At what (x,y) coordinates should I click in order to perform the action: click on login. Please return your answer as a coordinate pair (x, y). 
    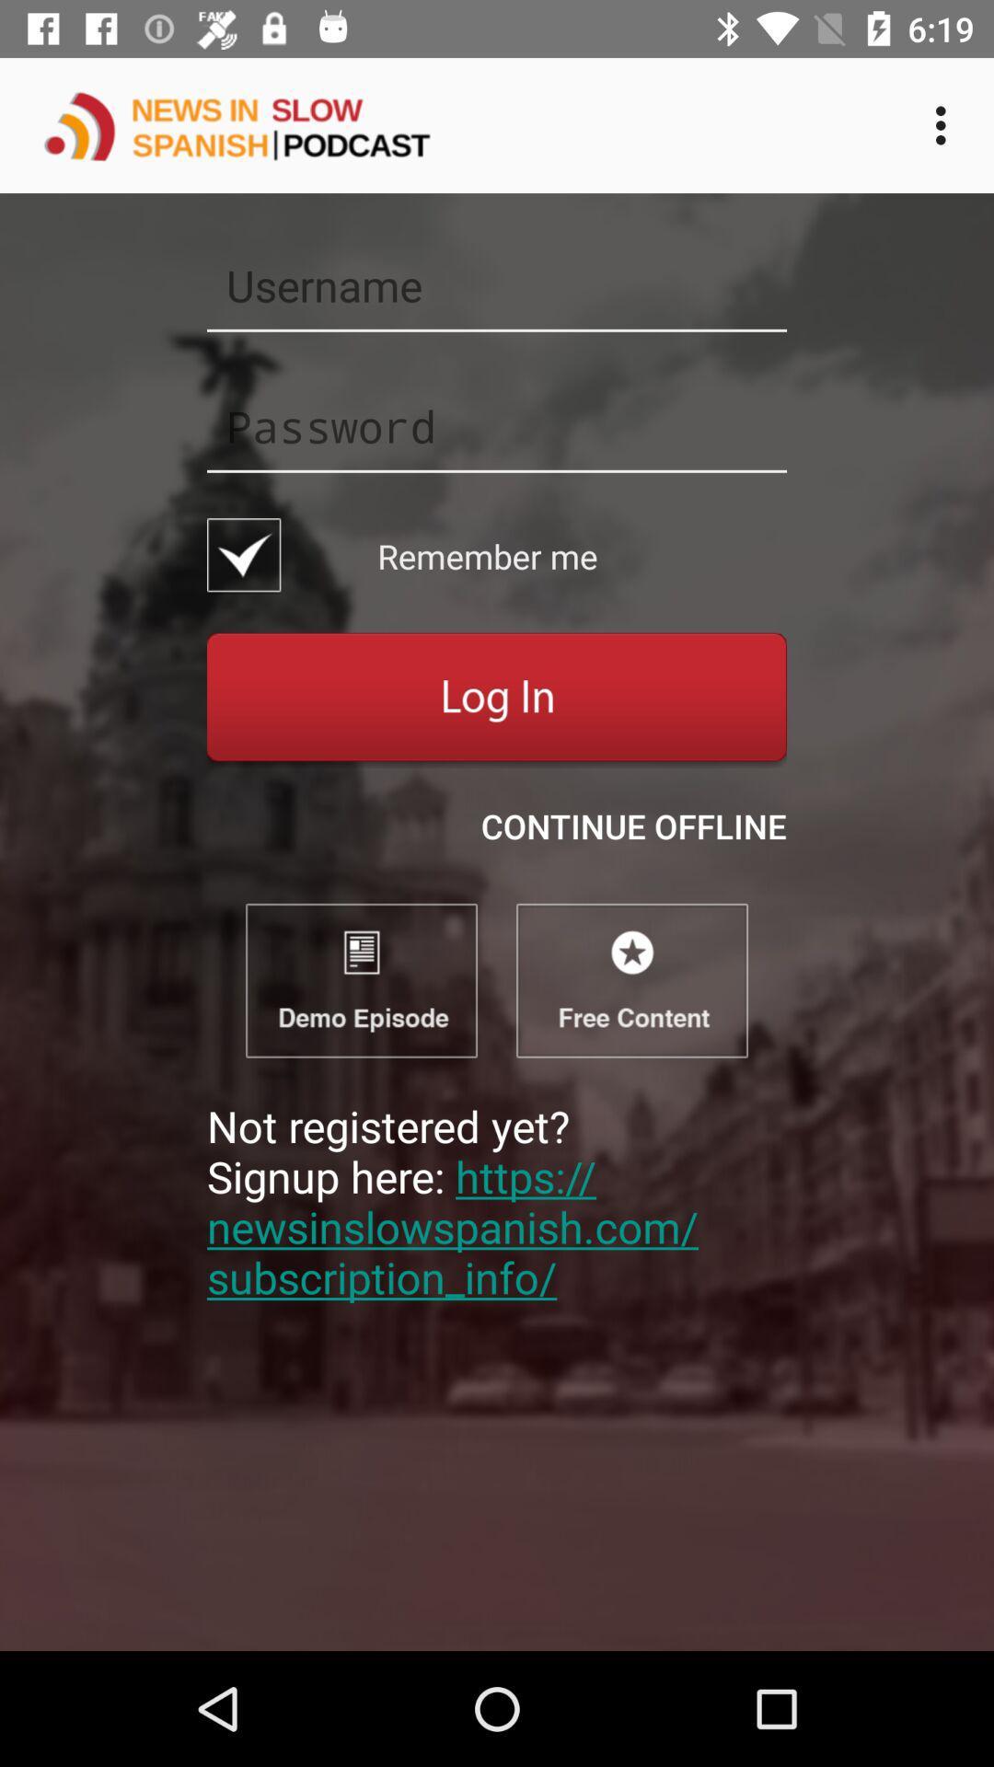
    Looking at the image, I should click on (497, 699).